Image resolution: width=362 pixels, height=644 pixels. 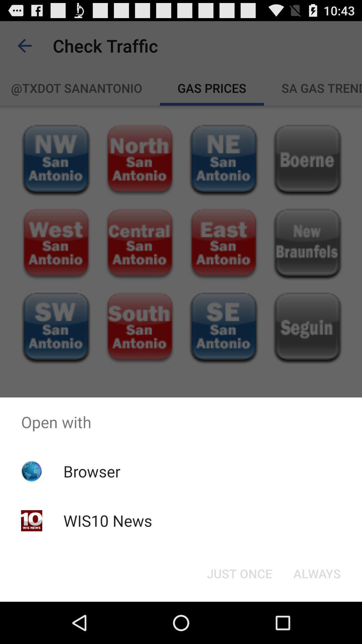 What do you see at coordinates (317, 573) in the screenshot?
I see `the item below the open with` at bounding box center [317, 573].